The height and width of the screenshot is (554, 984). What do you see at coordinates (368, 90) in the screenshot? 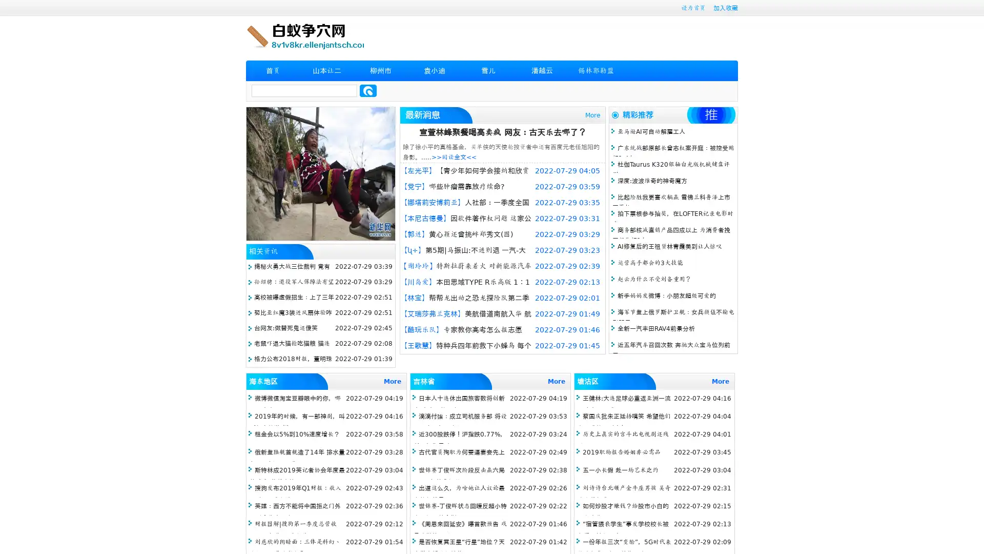
I see `Search` at bounding box center [368, 90].